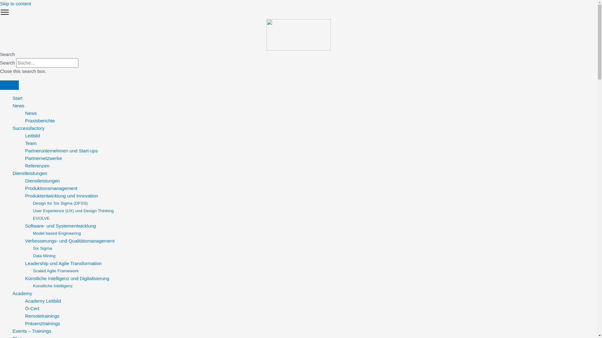 This screenshot has width=602, height=338. What do you see at coordinates (57, 233) in the screenshot?
I see `'Model based Engineering'` at bounding box center [57, 233].